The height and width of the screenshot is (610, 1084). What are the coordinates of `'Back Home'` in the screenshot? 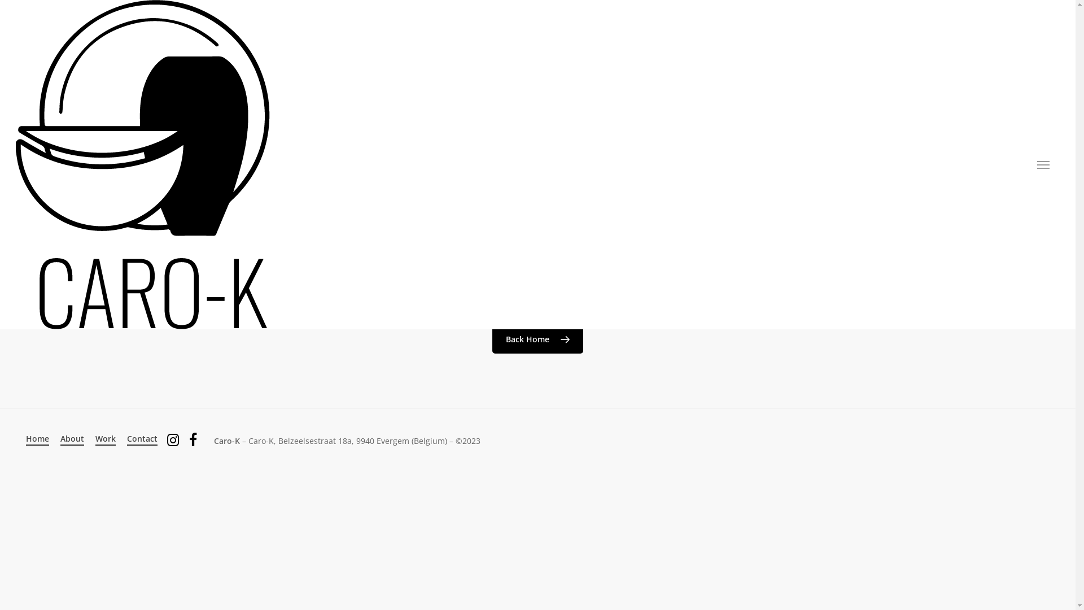 It's located at (537, 339).